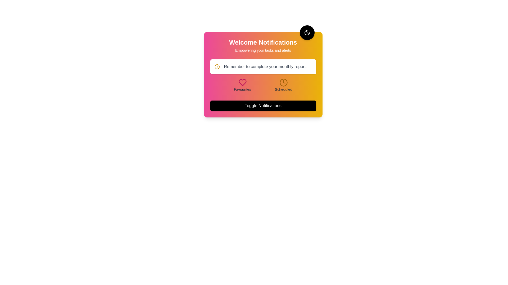  What do you see at coordinates (283, 82) in the screenshot?
I see `the clock icon located in the bottom-right segment of the card, directly above the 'Scheduled' label` at bounding box center [283, 82].